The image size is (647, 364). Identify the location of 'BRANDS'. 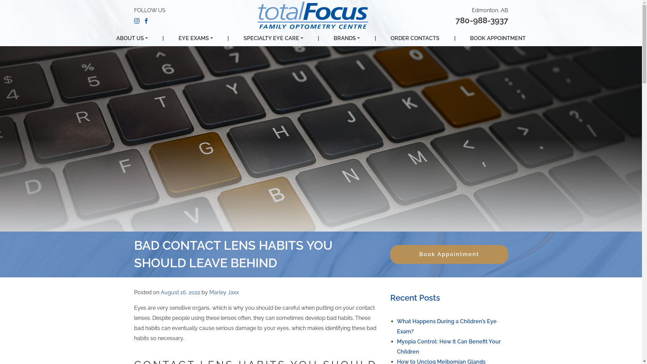
(346, 38).